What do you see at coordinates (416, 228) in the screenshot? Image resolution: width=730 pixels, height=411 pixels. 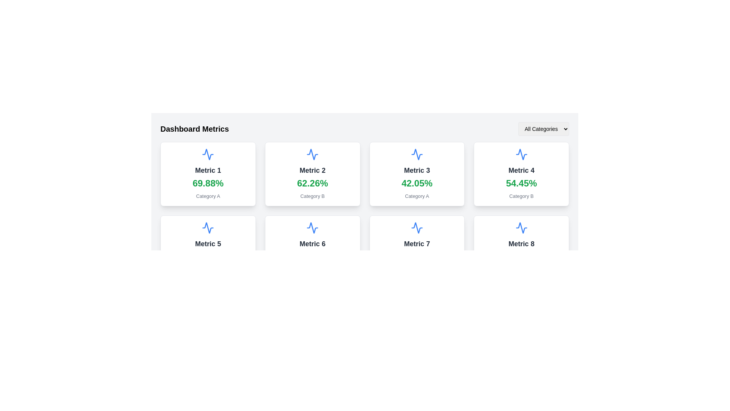 I see `blue wave-like vector icon resembling an activity graph, located in the center of the card labeled 'Metric 7' in the second row, third column of the grid layout` at bounding box center [416, 228].